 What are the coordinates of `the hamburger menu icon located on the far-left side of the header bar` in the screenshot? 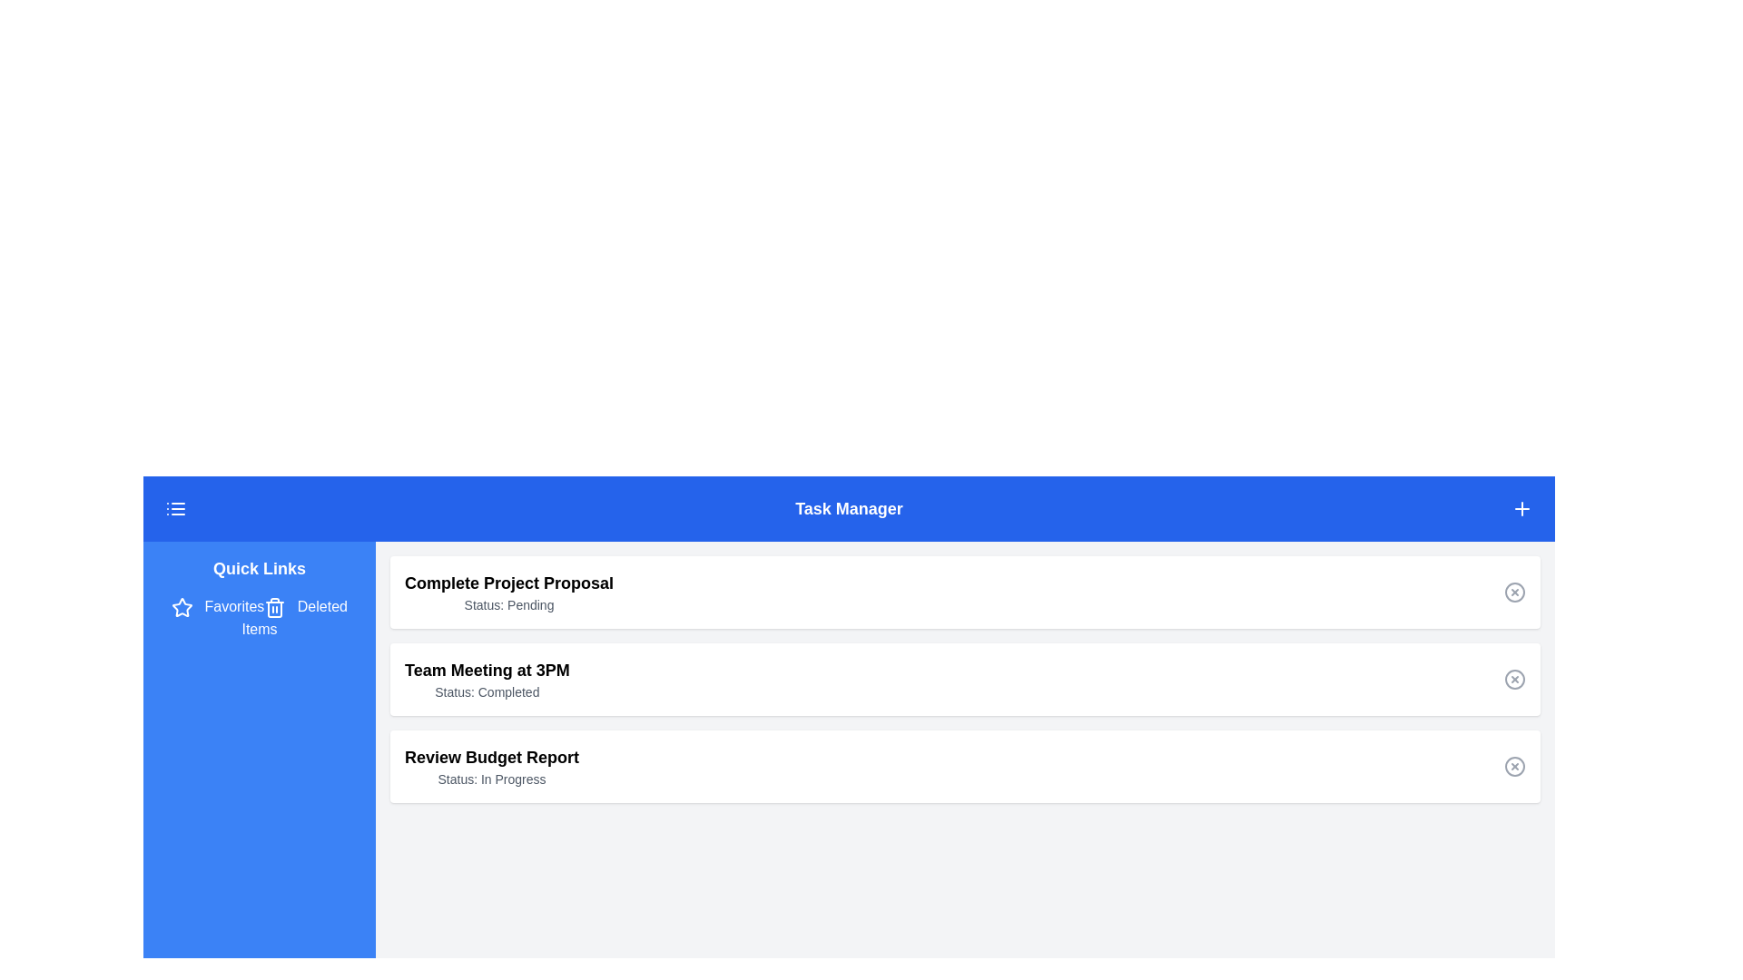 It's located at (175, 508).